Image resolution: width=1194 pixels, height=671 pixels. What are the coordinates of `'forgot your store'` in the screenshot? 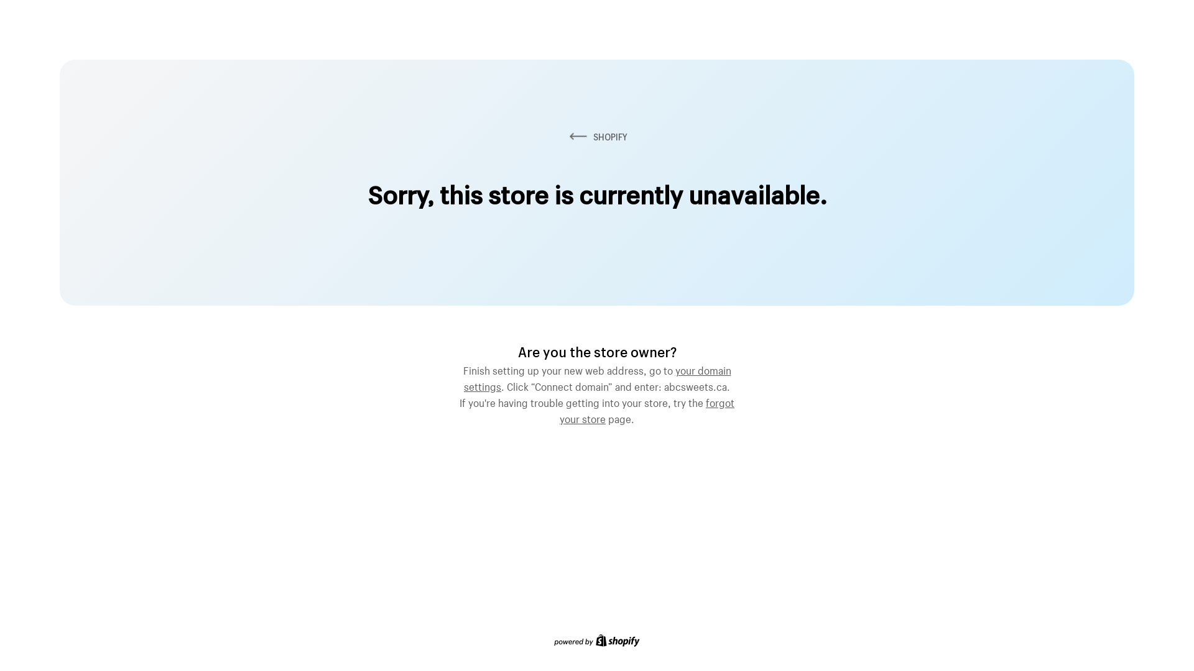 It's located at (647, 409).